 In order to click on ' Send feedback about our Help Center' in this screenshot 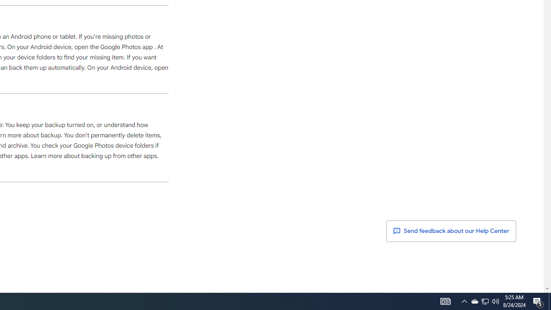, I will do `click(451, 231)`.